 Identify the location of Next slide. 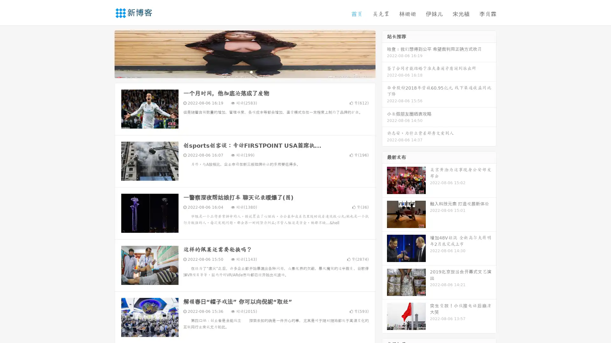
(384, 53).